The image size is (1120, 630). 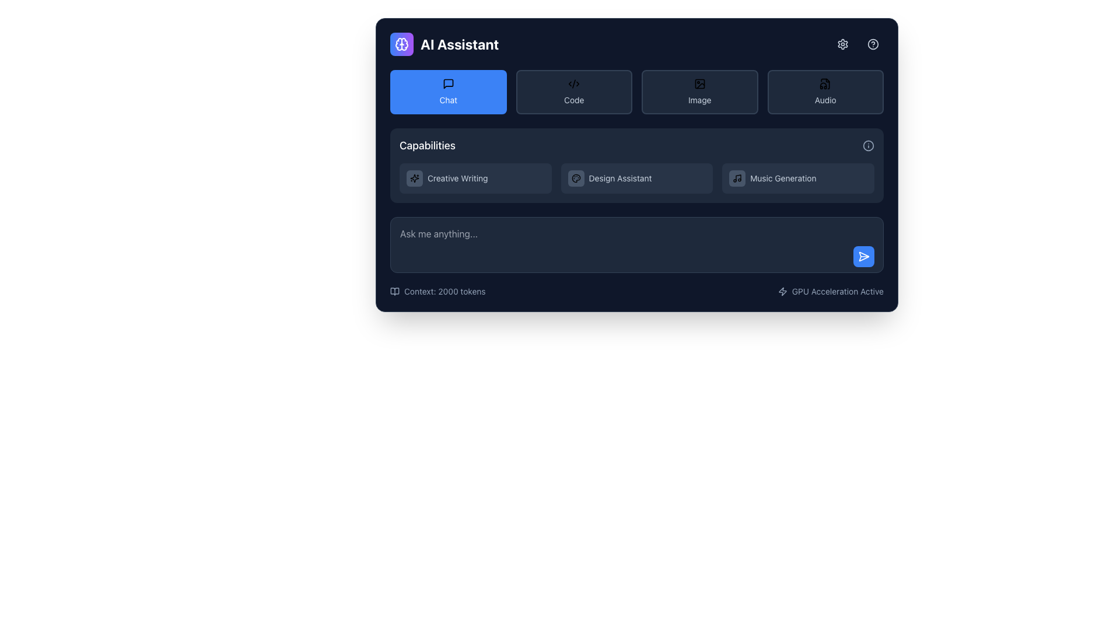 I want to click on the 'Help & Documentation' text label, which is styled in gray and located in the top-right corner of the interface, beneath the icon area, so click(x=871, y=72).